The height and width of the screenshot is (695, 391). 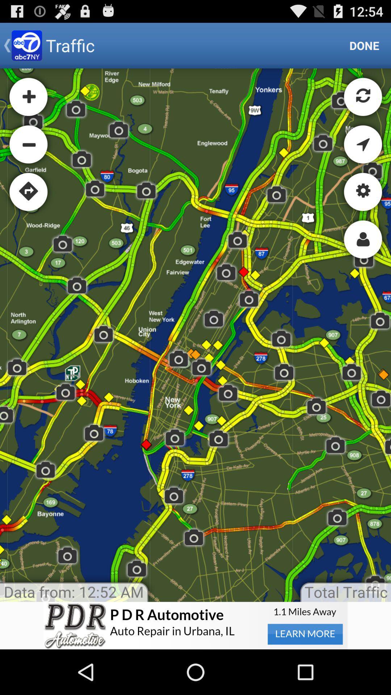 I want to click on location button, so click(x=195, y=625).